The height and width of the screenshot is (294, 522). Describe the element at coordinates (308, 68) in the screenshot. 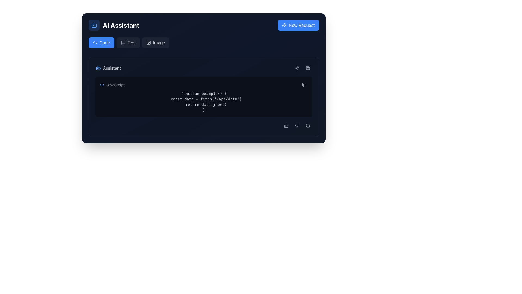

I see `the square save button with a floppy disk icon located in the top-right corner of the code assistant interface` at that location.